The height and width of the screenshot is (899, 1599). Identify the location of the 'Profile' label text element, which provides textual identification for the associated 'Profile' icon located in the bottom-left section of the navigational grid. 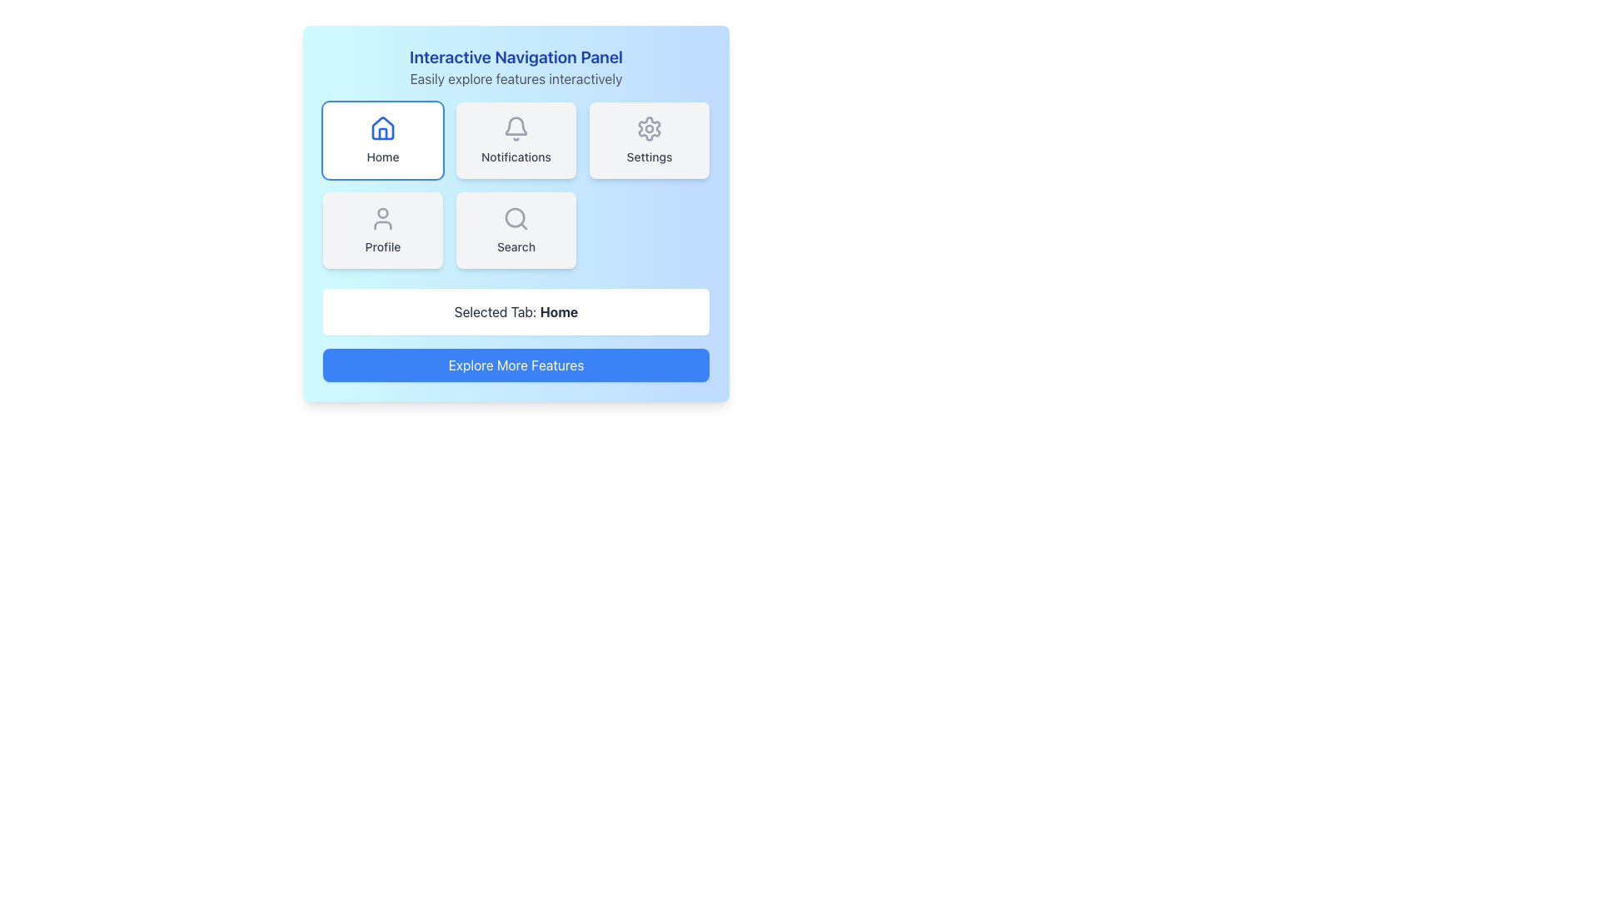
(382, 247).